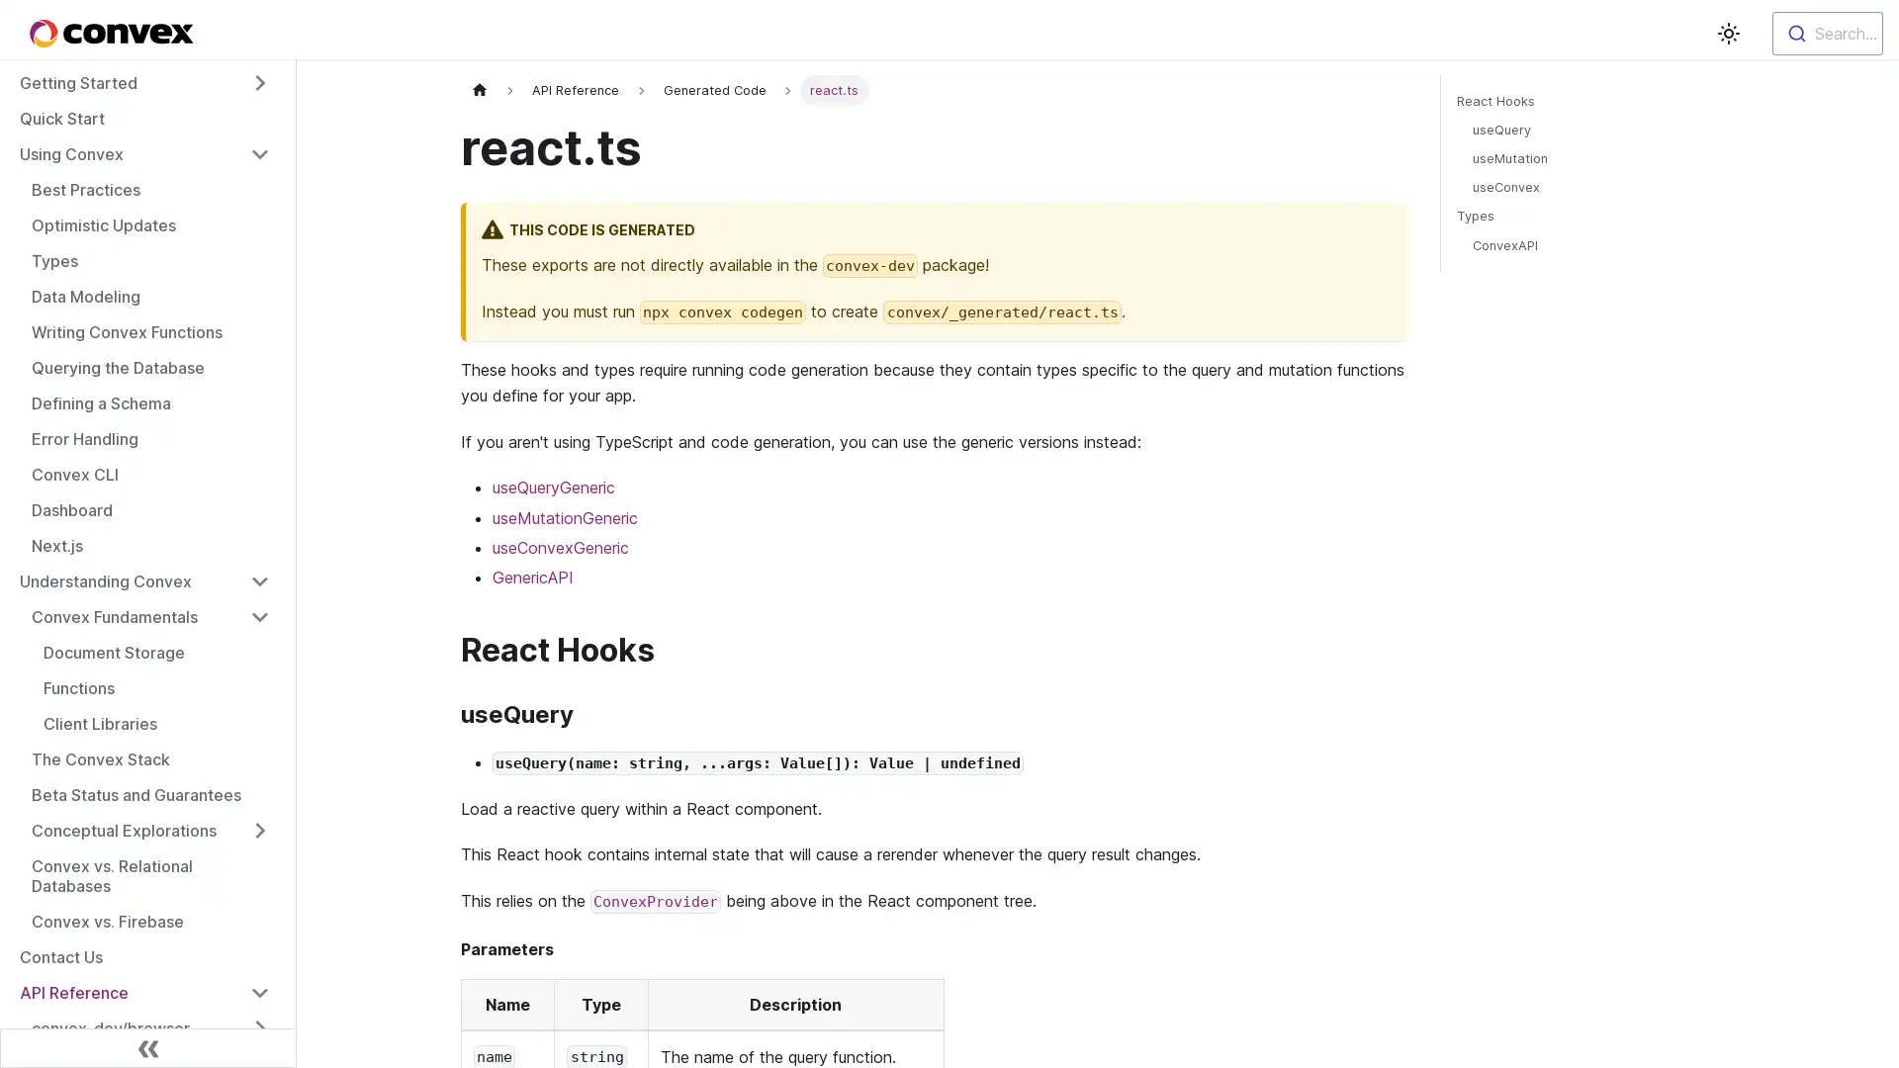  What do you see at coordinates (259, 992) in the screenshot?
I see `Toggle the collapsible sidebar category 'API Reference'` at bounding box center [259, 992].